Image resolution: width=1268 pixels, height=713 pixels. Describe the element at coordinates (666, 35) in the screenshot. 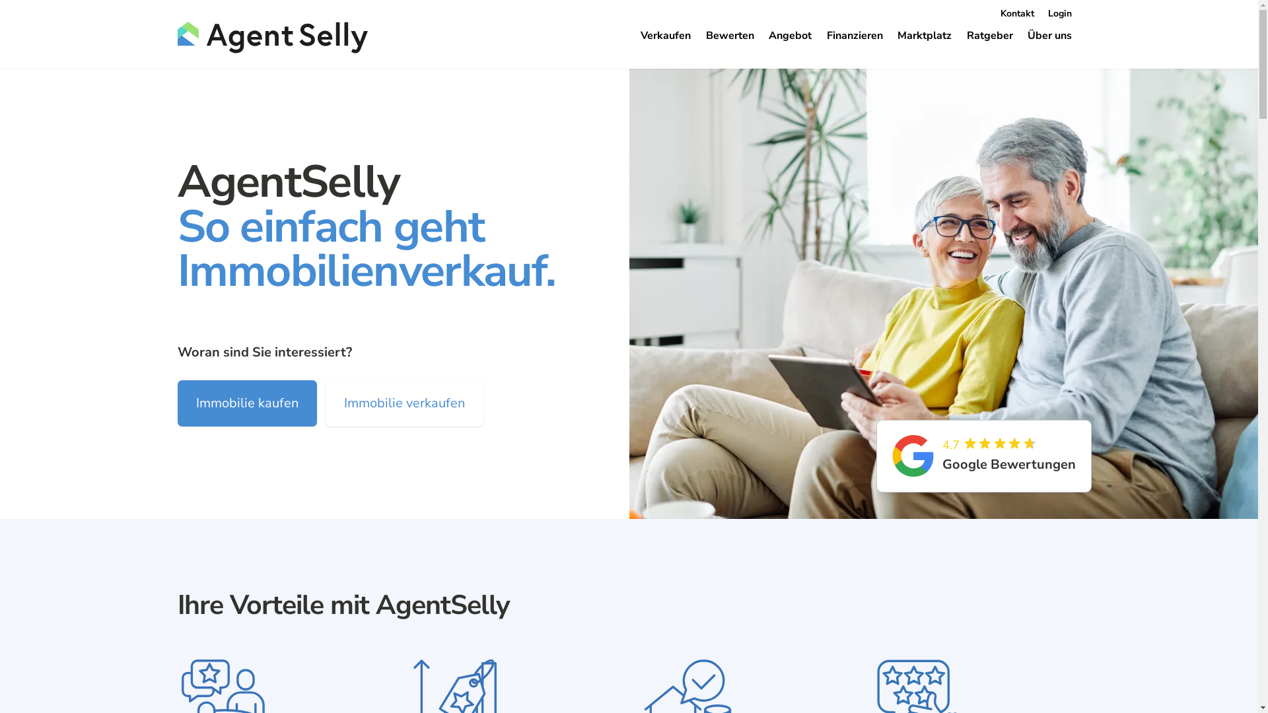

I see `'Verkaufen'` at that location.